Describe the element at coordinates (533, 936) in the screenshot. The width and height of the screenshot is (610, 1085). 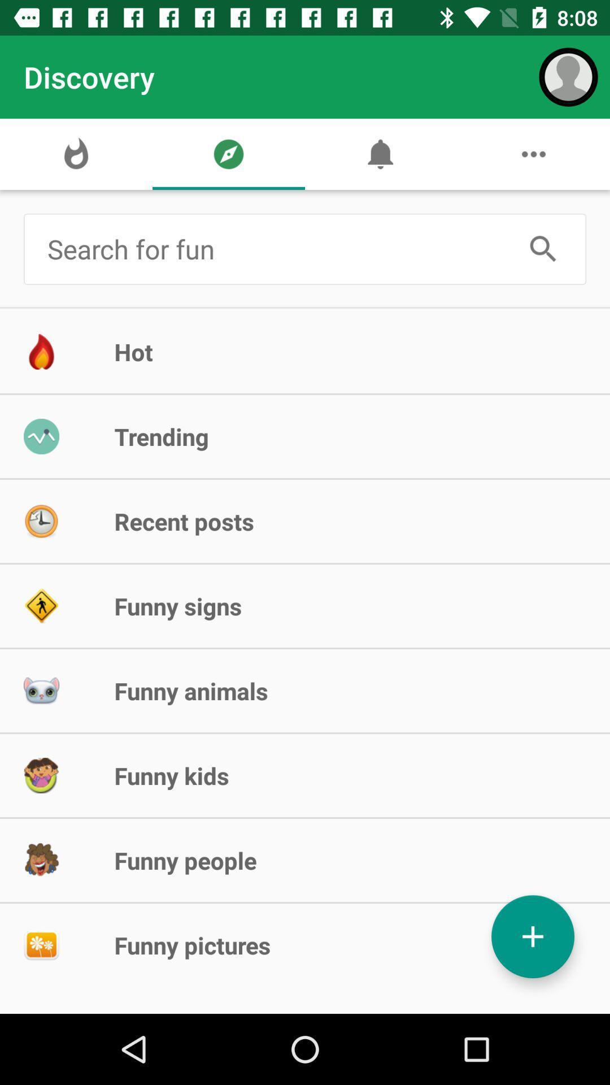
I see `category` at that location.